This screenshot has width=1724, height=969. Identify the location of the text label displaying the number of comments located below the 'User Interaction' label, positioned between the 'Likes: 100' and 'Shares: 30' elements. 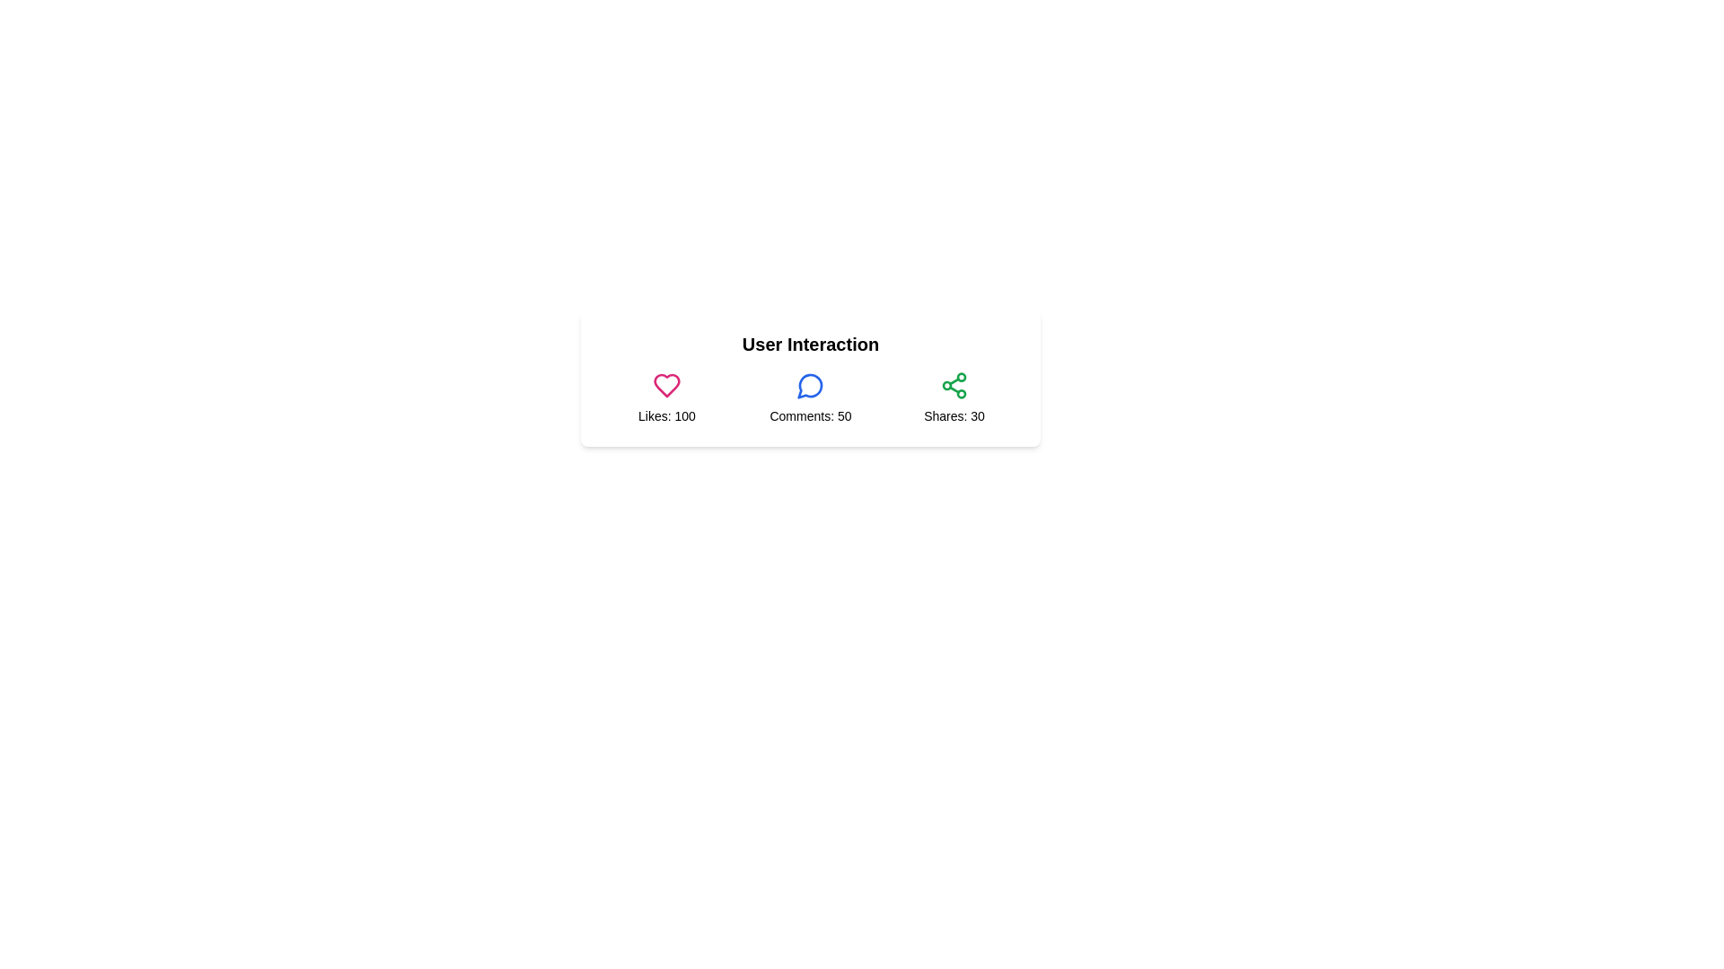
(809, 397).